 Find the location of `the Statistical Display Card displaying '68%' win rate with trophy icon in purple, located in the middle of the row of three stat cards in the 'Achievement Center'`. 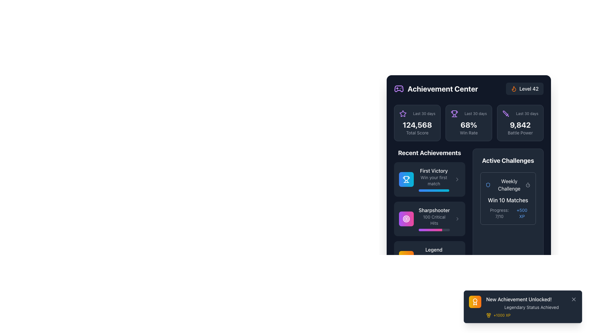

the Statistical Display Card displaying '68%' win rate with trophy icon in purple, located in the middle of the row of three stat cards in the 'Achievement Center' is located at coordinates (469, 123).